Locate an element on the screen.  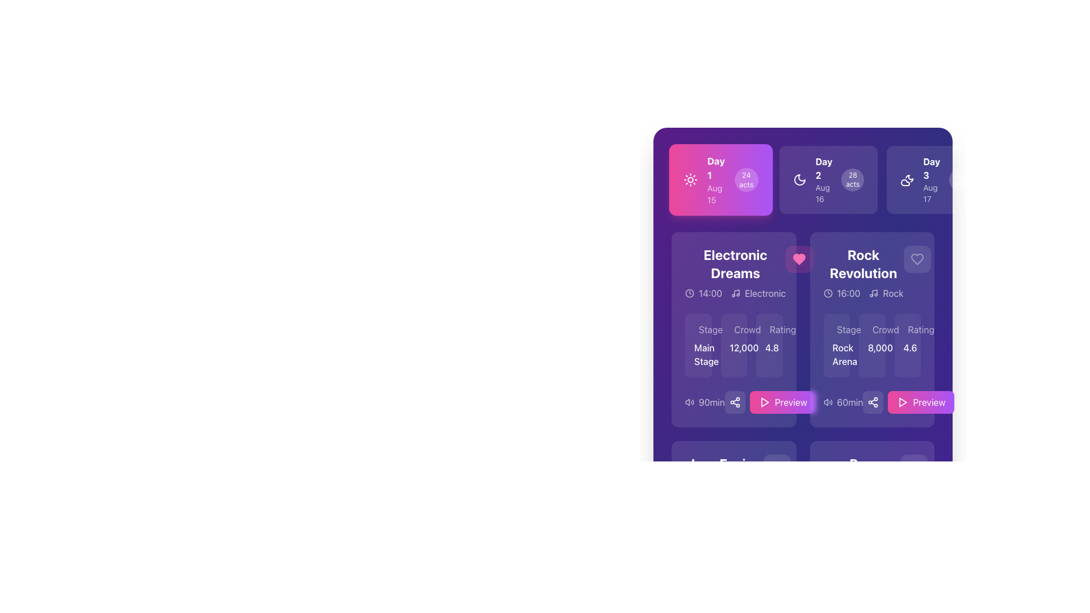
the circular decorative element representing a clock face with a light purple border, located above the 'Electronic' label in the 'Electronic Dreams' section is located at coordinates (689, 292).